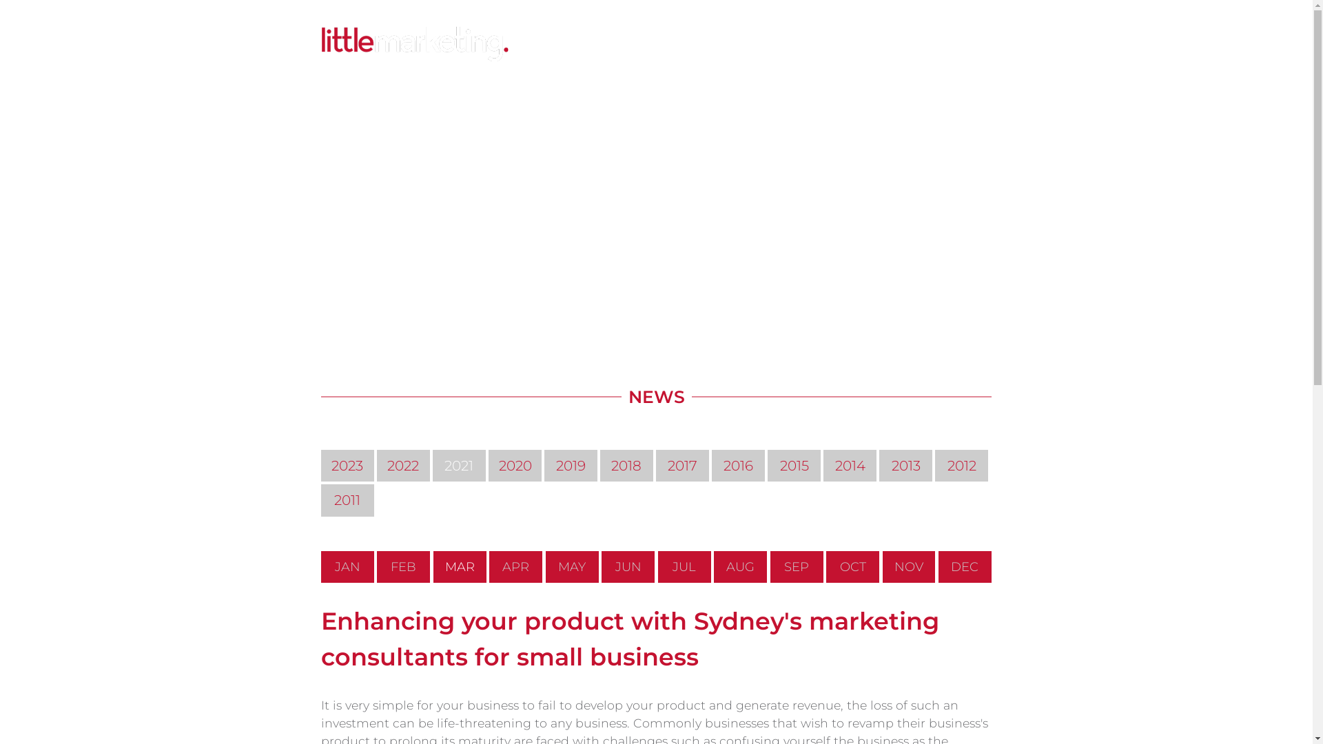 This screenshot has height=744, width=1323. What do you see at coordinates (717, 44) in the screenshot?
I see `'OUR BOOK'` at bounding box center [717, 44].